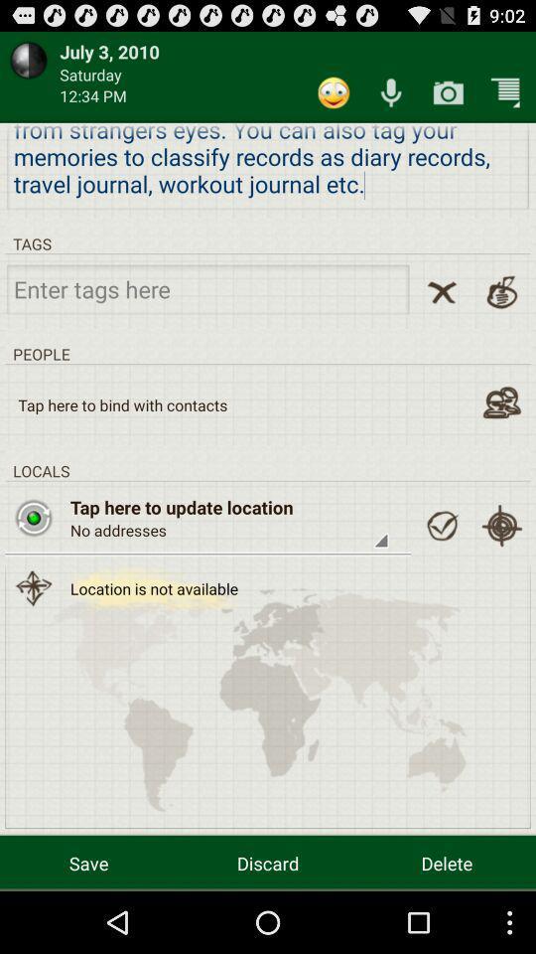  Describe the element at coordinates (500, 525) in the screenshot. I see `current location` at that location.